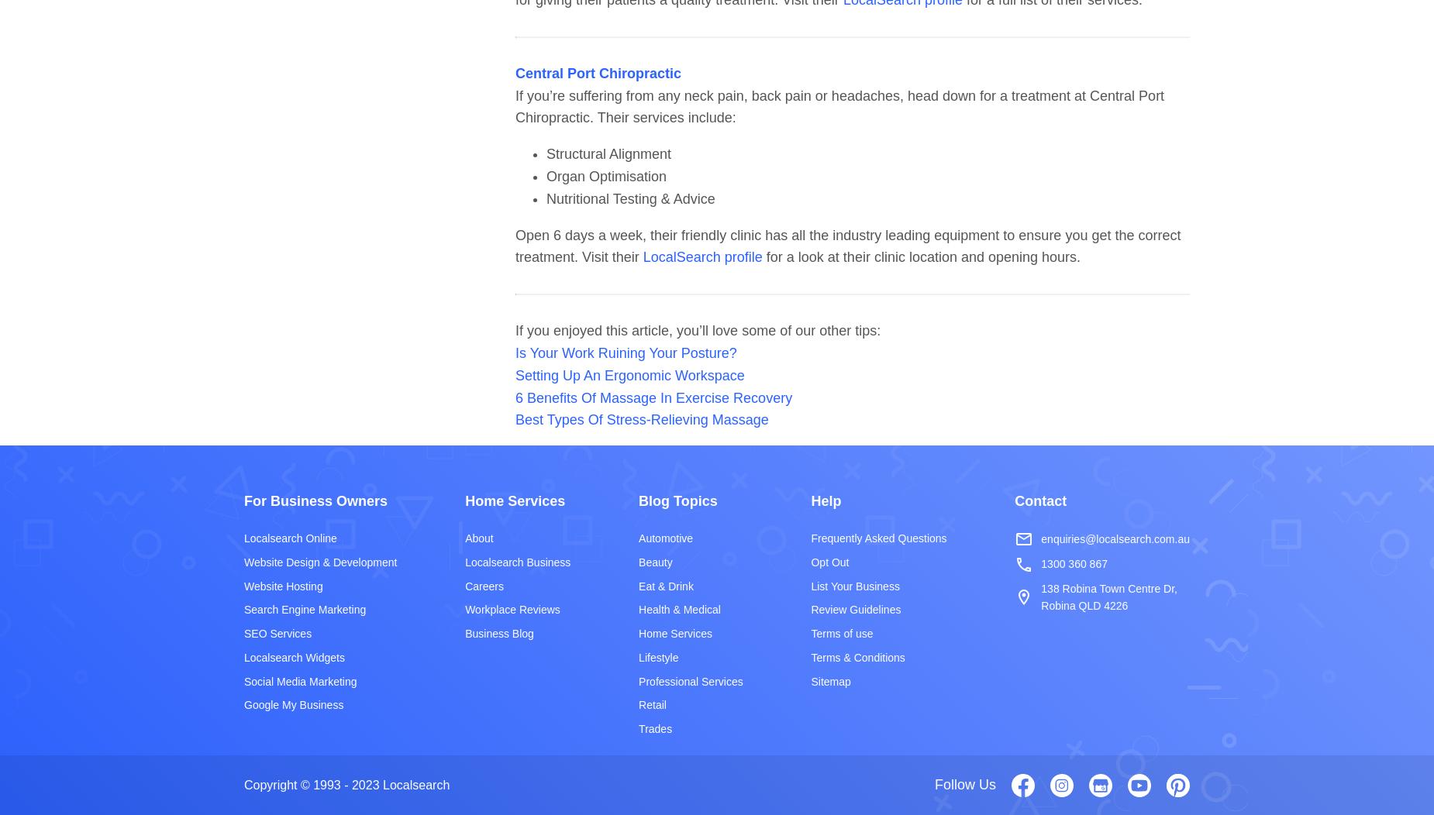  I want to click on 'November 27, 2015 - 2 min read', so click(332, 751).